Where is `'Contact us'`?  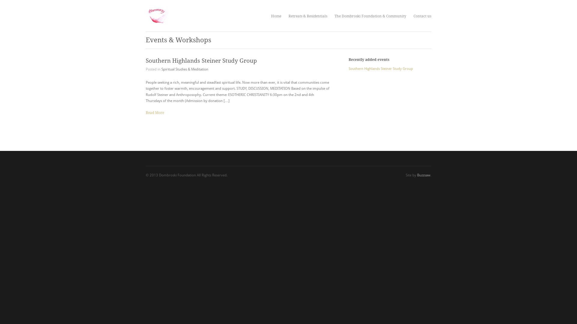
'Contact us' is located at coordinates (422, 16).